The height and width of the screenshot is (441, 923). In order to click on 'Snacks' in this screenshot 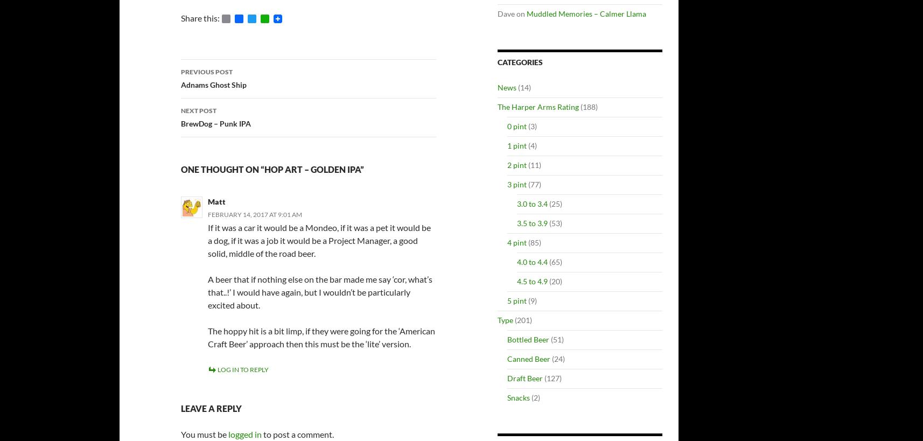, I will do `click(507, 397)`.